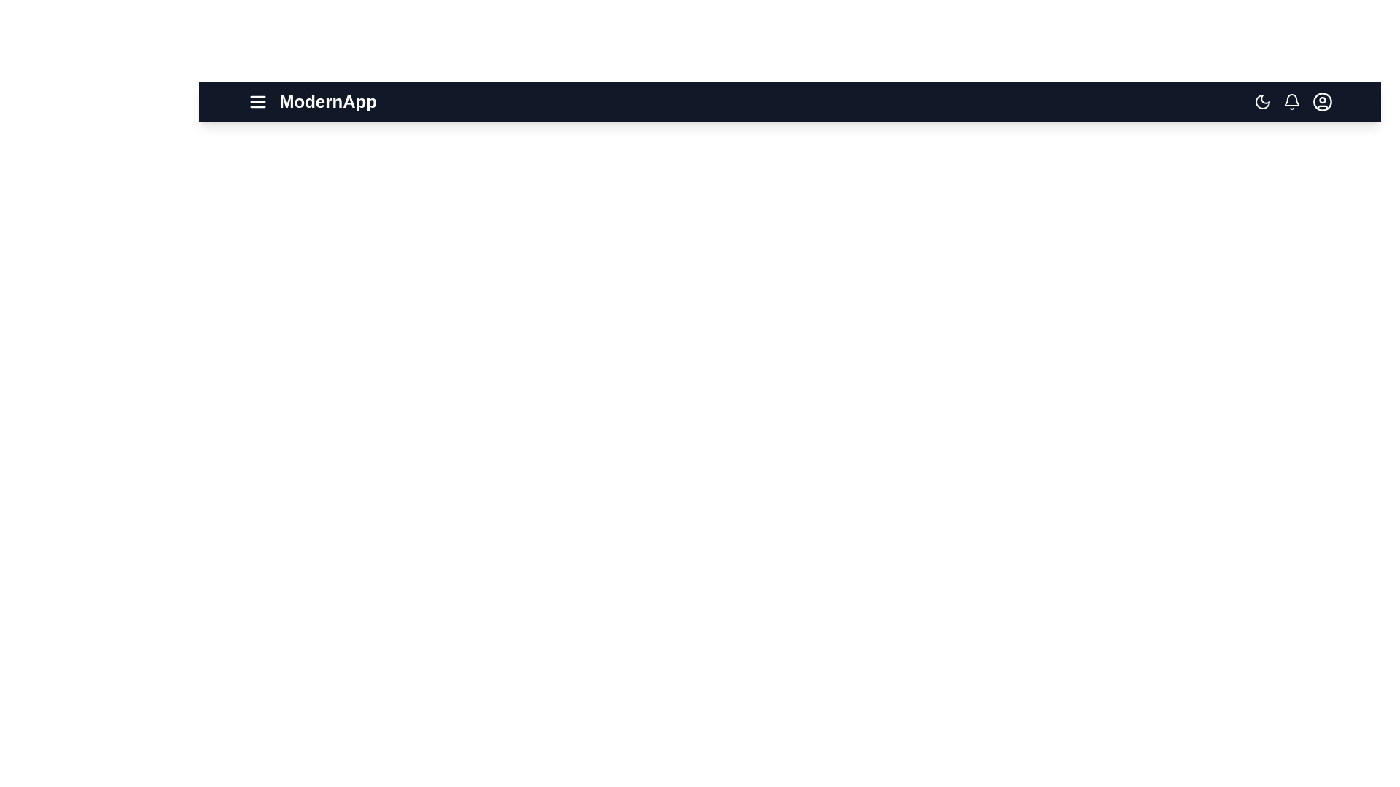 This screenshot has width=1400, height=787. I want to click on the user circle icon to access the user profile, so click(1322, 101).